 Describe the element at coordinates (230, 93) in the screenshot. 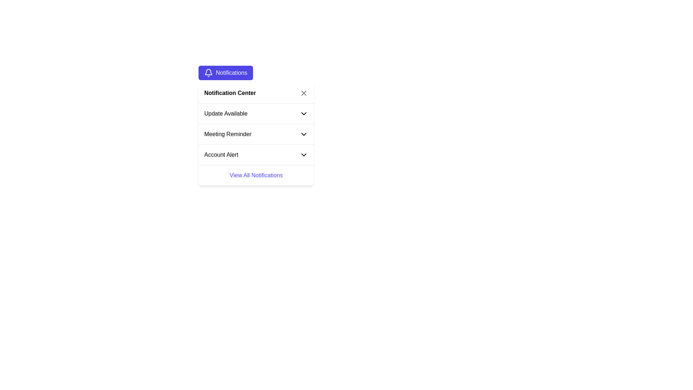

I see `title of the notification section, which is a Text Label located in the upper section of the notification dropdown, aligned to the left next to a close button represented by an 'X'` at that location.